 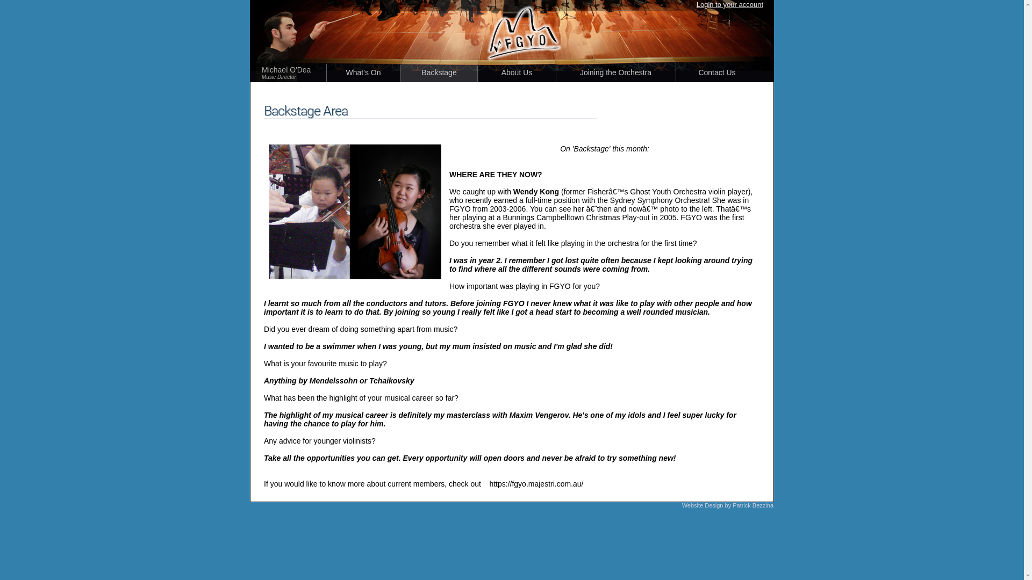 What do you see at coordinates (294, 73) in the screenshot?
I see `'Michael O'Dea` at bounding box center [294, 73].